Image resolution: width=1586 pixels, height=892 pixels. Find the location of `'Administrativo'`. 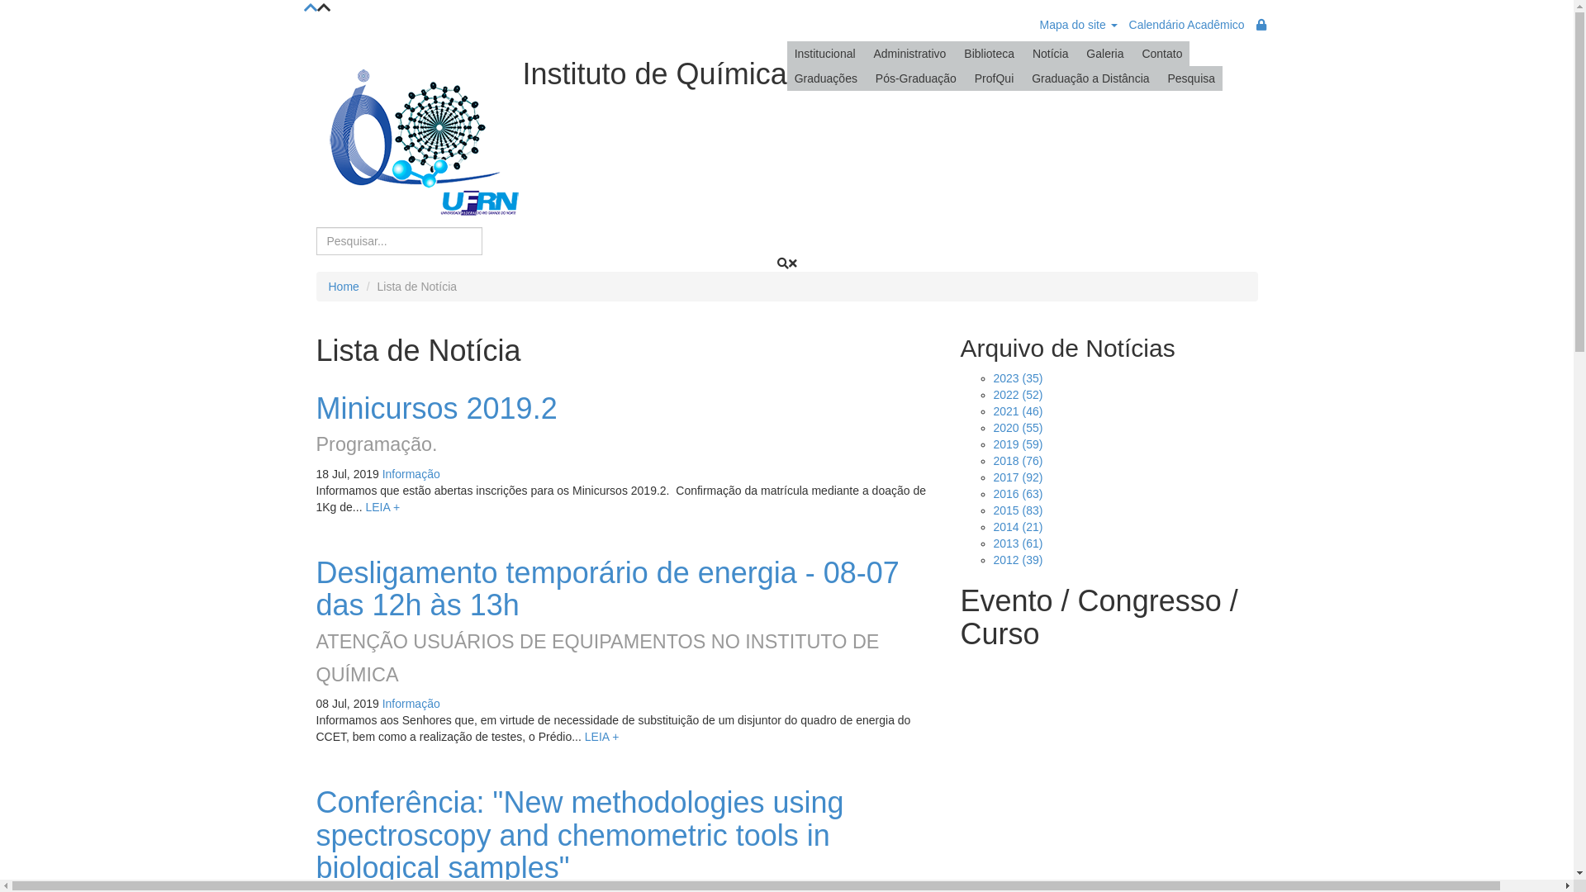

'Administrativo' is located at coordinates (864, 53).